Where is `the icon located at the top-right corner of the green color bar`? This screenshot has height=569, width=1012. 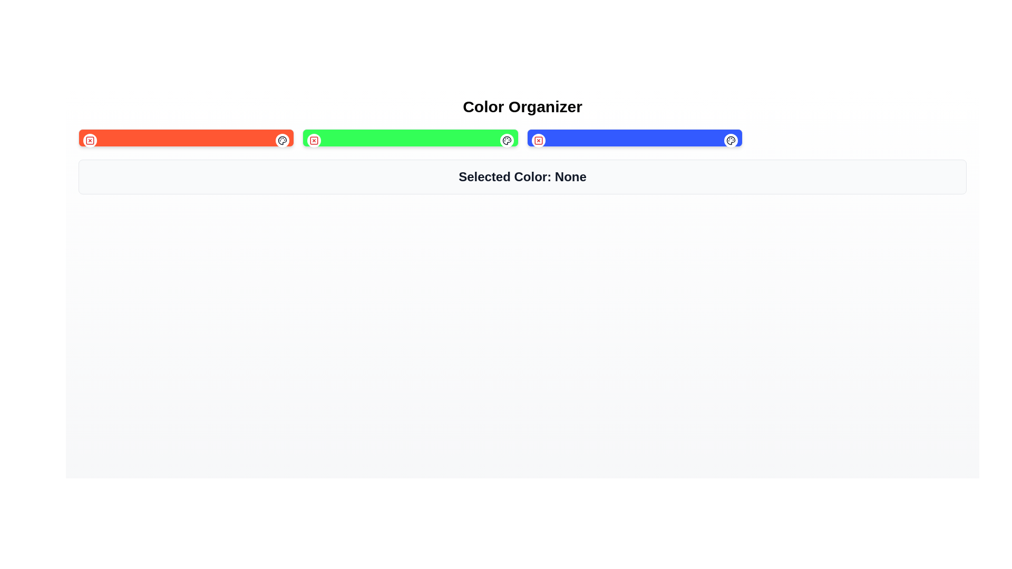 the icon located at the top-right corner of the green color bar is located at coordinates (507, 140).